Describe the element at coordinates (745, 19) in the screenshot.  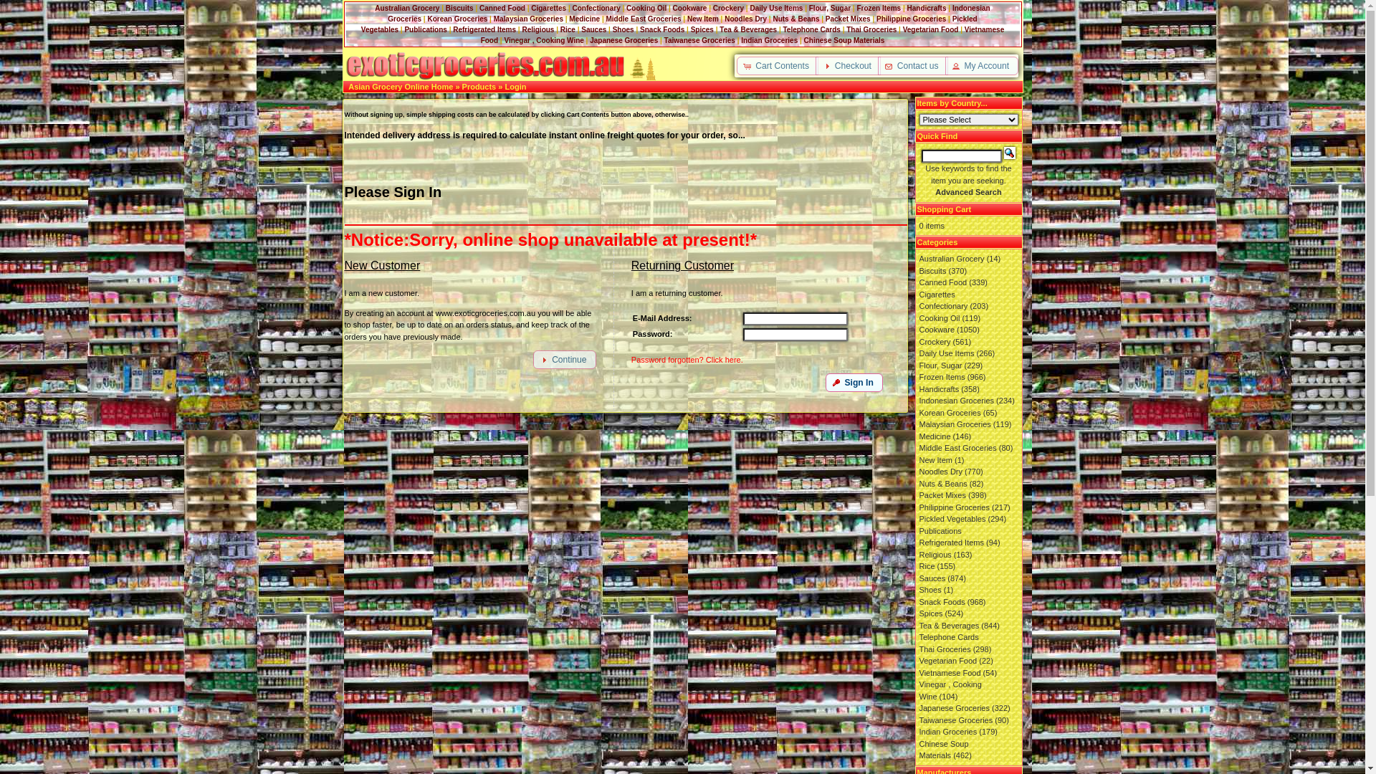
I see `'Noodles Dry'` at that location.